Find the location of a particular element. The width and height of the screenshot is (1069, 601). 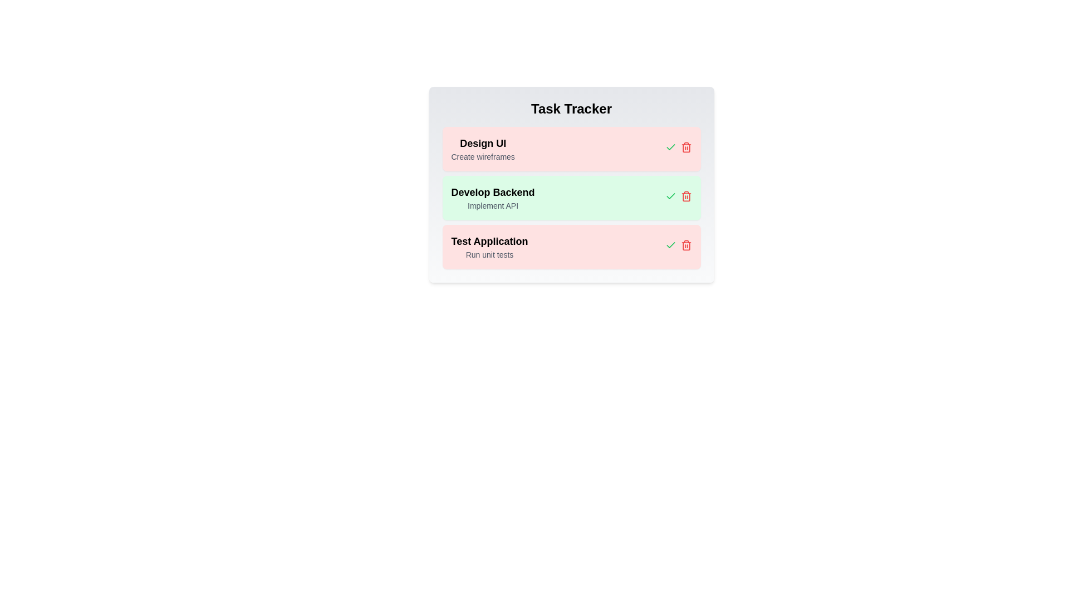

the task identified by its name Design UI is located at coordinates (685, 146).